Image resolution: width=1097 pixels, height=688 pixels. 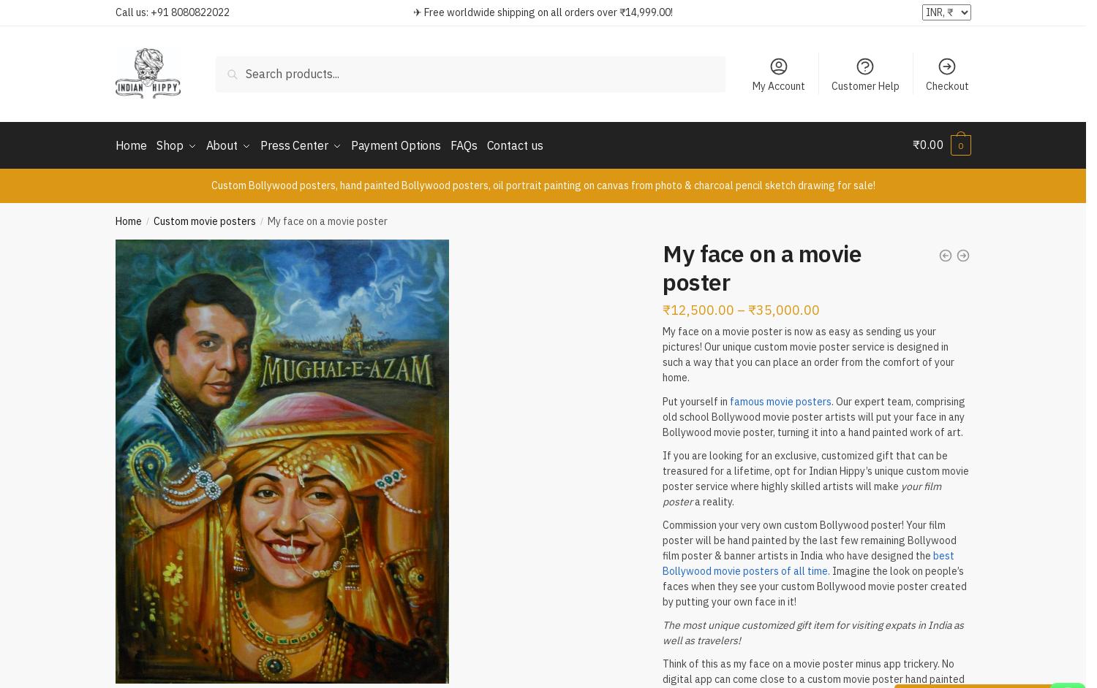 What do you see at coordinates (393, 149) in the screenshot?
I see `'Your Name (required)'` at bounding box center [393, 149].